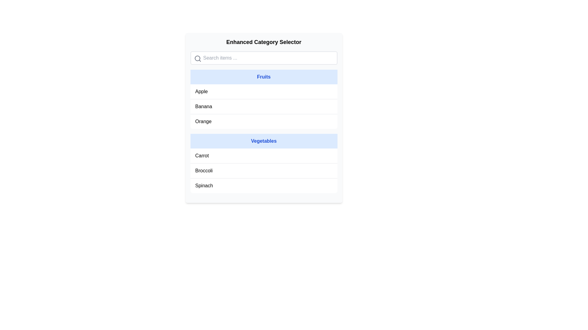  What do you see at coordinates (264, 185) in the screenshot?
I see `to select the list item labeled 'Spinach', which is the last item in the 'Vegetables' section, positioned beneath 'Broccoli'` at bounding box center [264, 185].